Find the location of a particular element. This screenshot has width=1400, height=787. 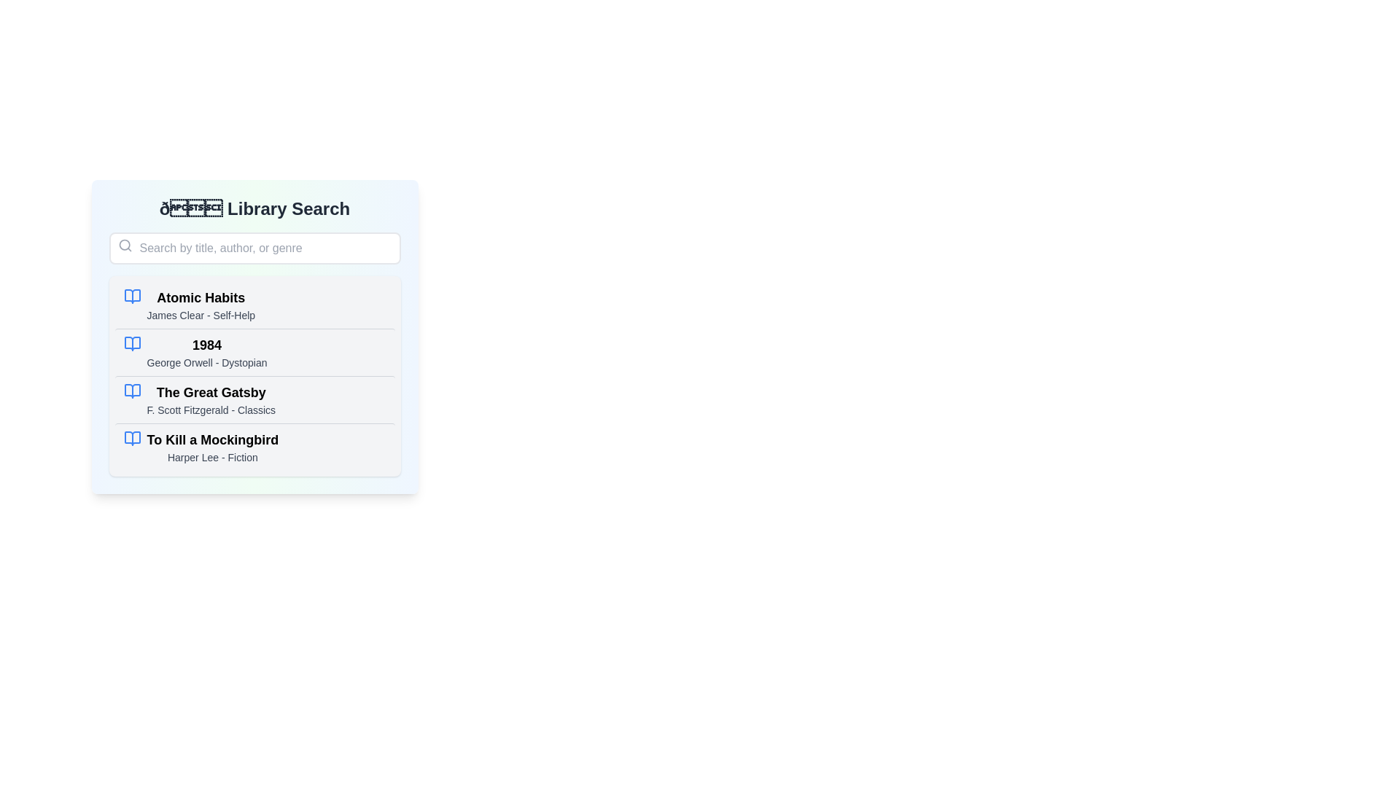

the first clickable list item card titled 'Atomic Habits' by James Clear in the Library Search section is located at coordinates (254, 305).